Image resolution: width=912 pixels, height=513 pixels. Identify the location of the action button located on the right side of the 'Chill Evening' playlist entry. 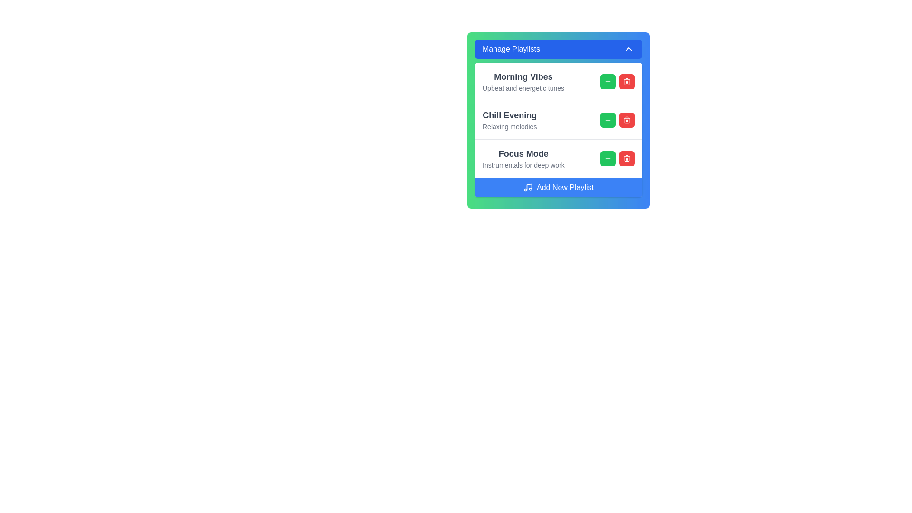
(608, 120).